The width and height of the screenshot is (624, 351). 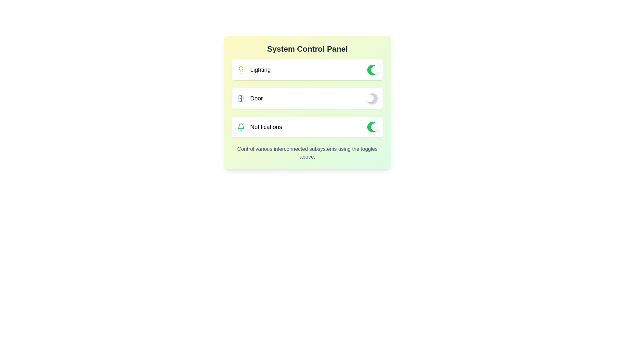 What do you see at coordinates (241, 70) in the screenshot?
I see `the lighting icon to observe its visual representation` at bounding box center [241, 70].